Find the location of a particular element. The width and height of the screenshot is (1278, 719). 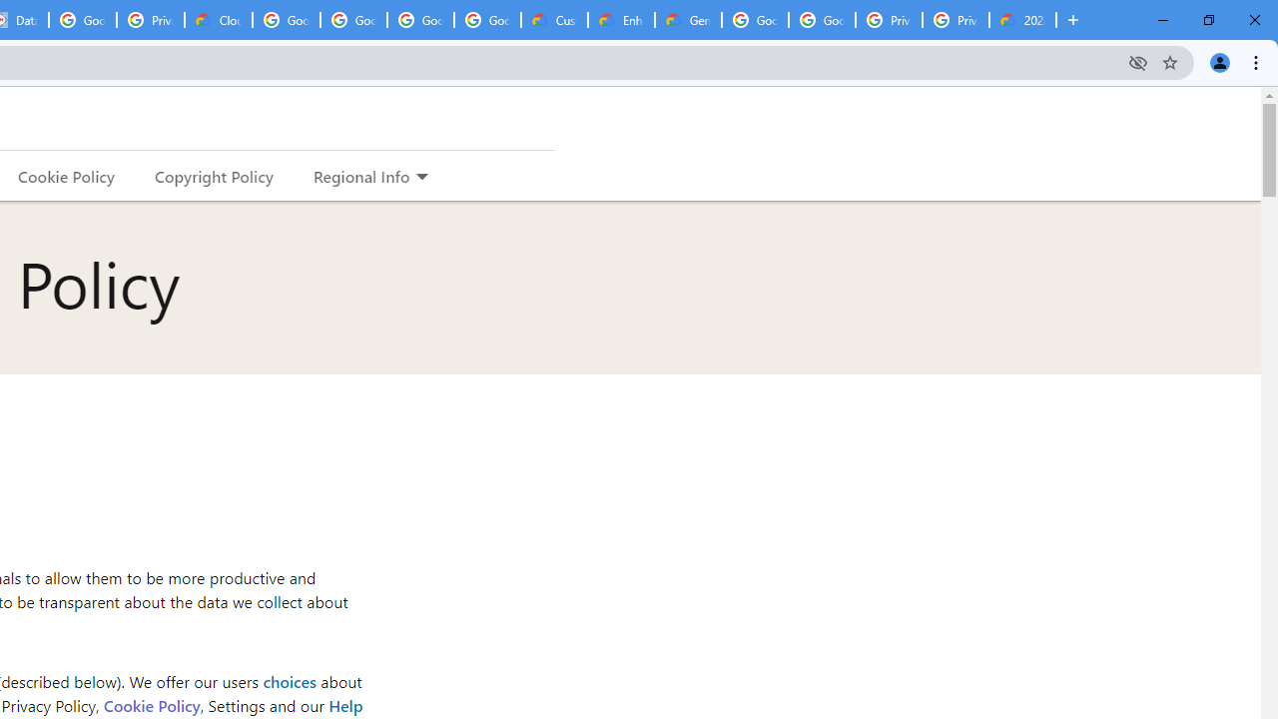

'Cookie Policy' is located at coordinates (150, 704).